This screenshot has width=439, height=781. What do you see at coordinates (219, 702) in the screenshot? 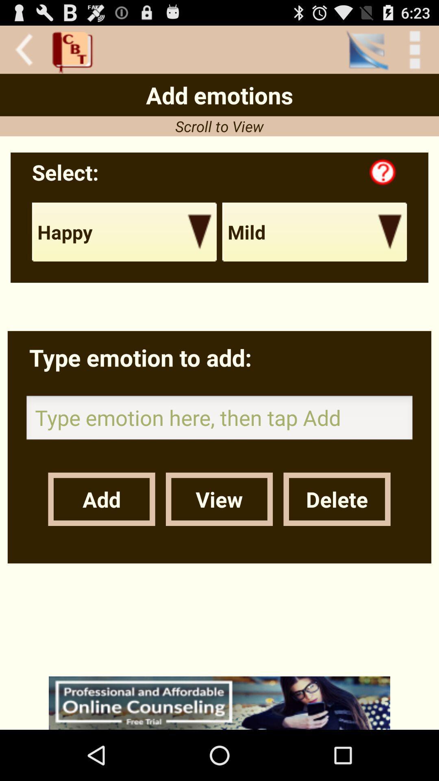
I see `search about add` at bounding box center [219, 702].